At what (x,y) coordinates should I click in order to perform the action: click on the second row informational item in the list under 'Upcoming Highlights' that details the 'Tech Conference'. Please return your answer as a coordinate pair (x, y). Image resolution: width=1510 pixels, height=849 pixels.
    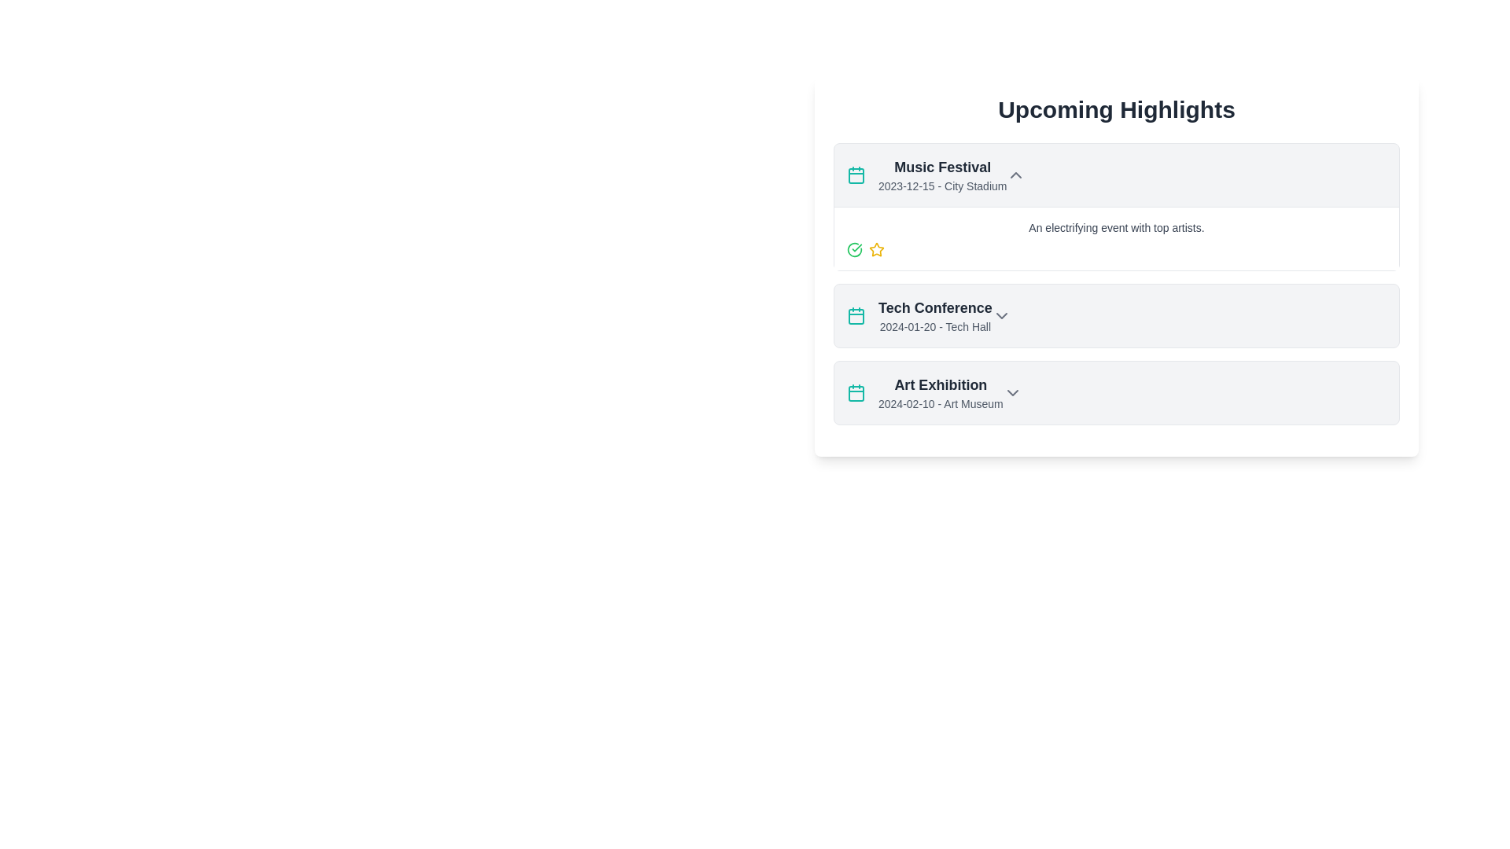
    Looking at the image, I should click on (919, 315).